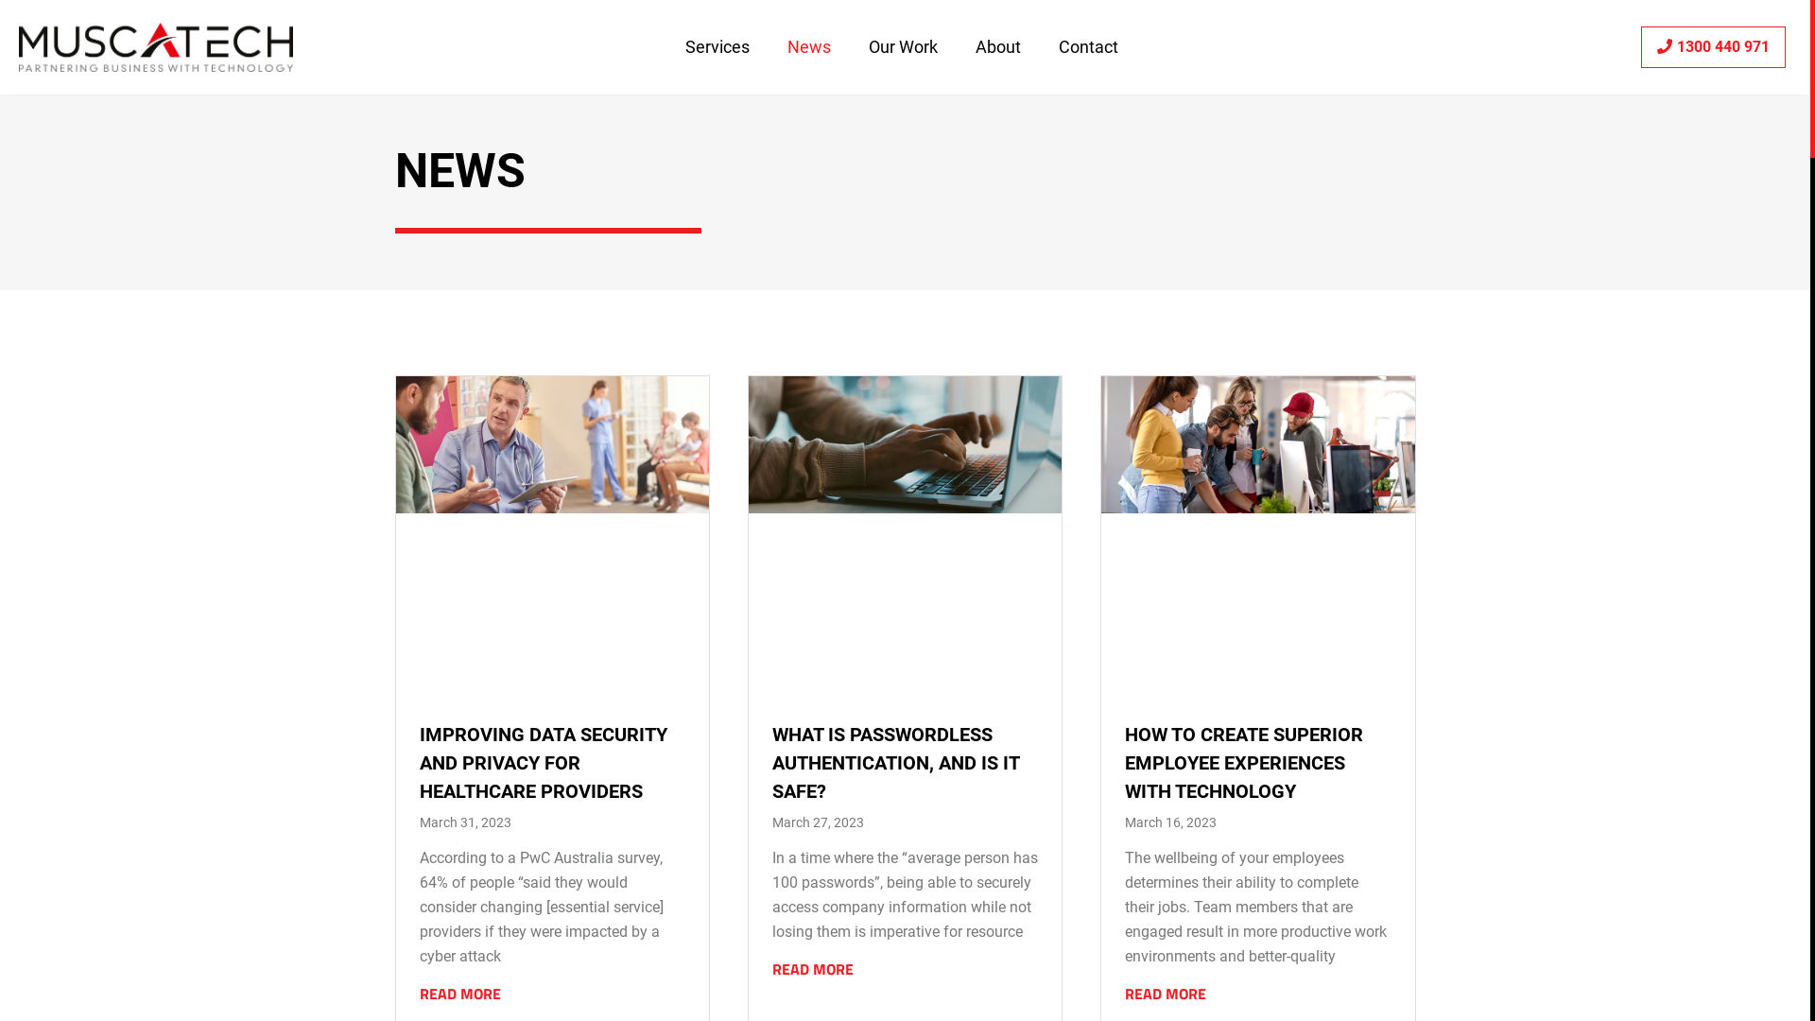  Describe the element at coordinates (716, 46) in the screenshot. I see `'Services'` at that location.